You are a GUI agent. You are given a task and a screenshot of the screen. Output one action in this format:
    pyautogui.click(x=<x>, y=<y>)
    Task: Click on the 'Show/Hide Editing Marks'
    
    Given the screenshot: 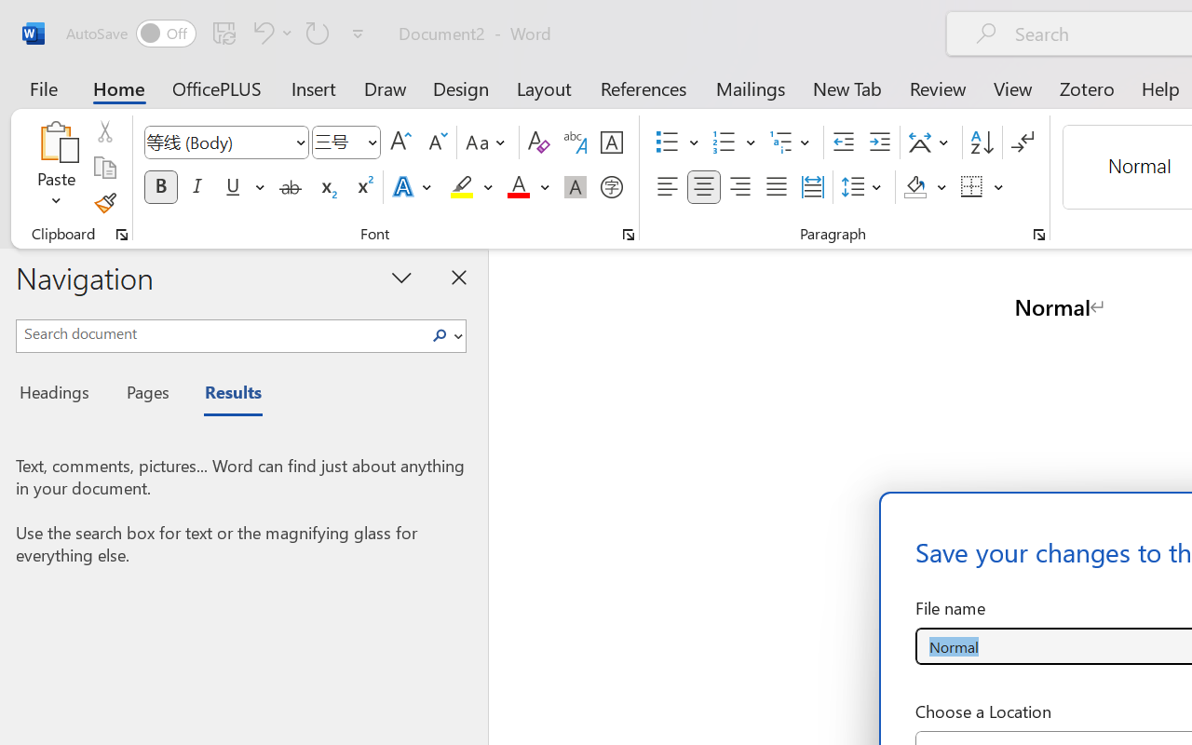 What is the action you would take?
    pyautogui.click(x=1022, y=142)
    